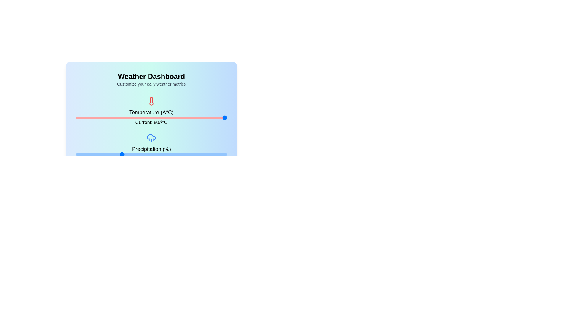  Describe the element at coordinates (218, 118) in the screenshot. I see `the temperature` at that location.